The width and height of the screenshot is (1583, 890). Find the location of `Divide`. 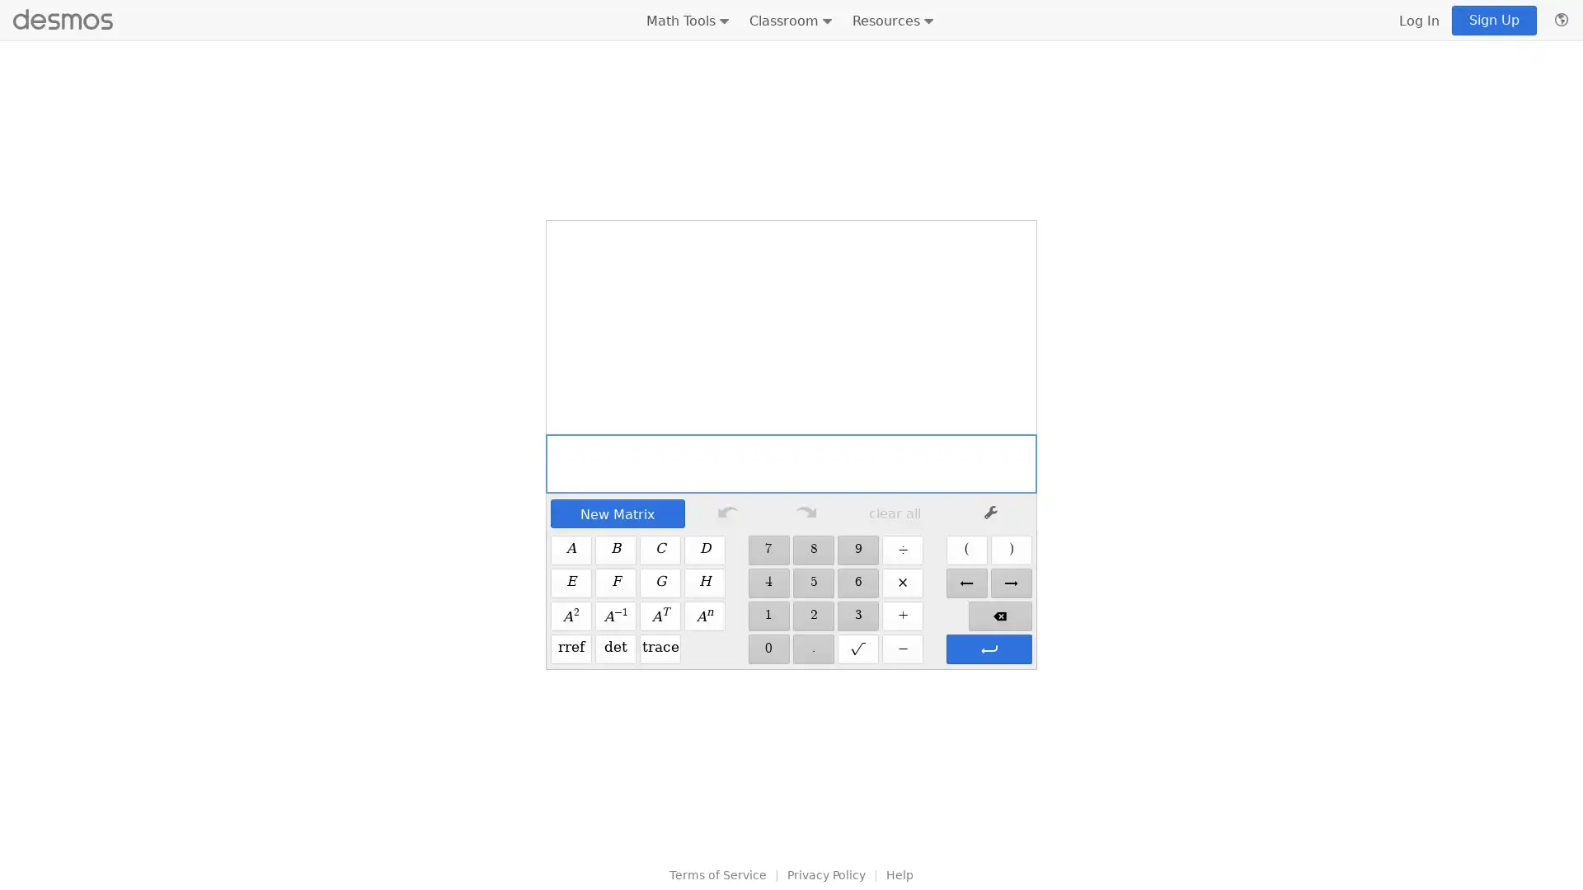

Divide is located at coordinates (901, 550).